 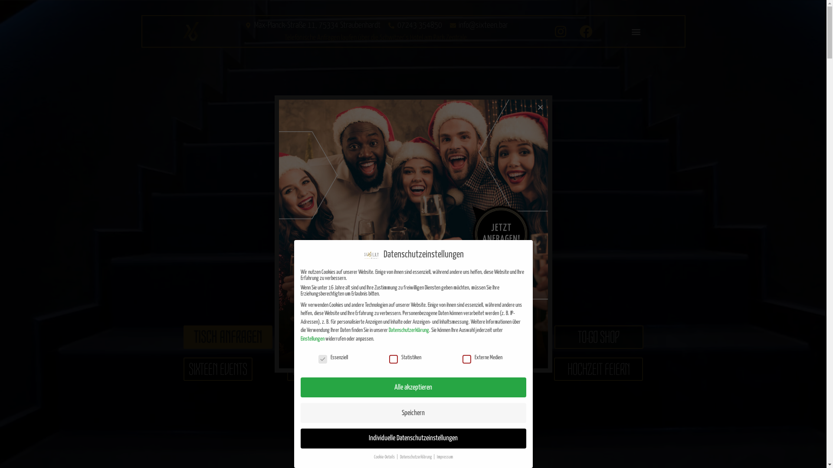 What do you see at coordinates (444, 457) in the screenshot?
I see `'Impressum'` at bounding box center [444, 457].